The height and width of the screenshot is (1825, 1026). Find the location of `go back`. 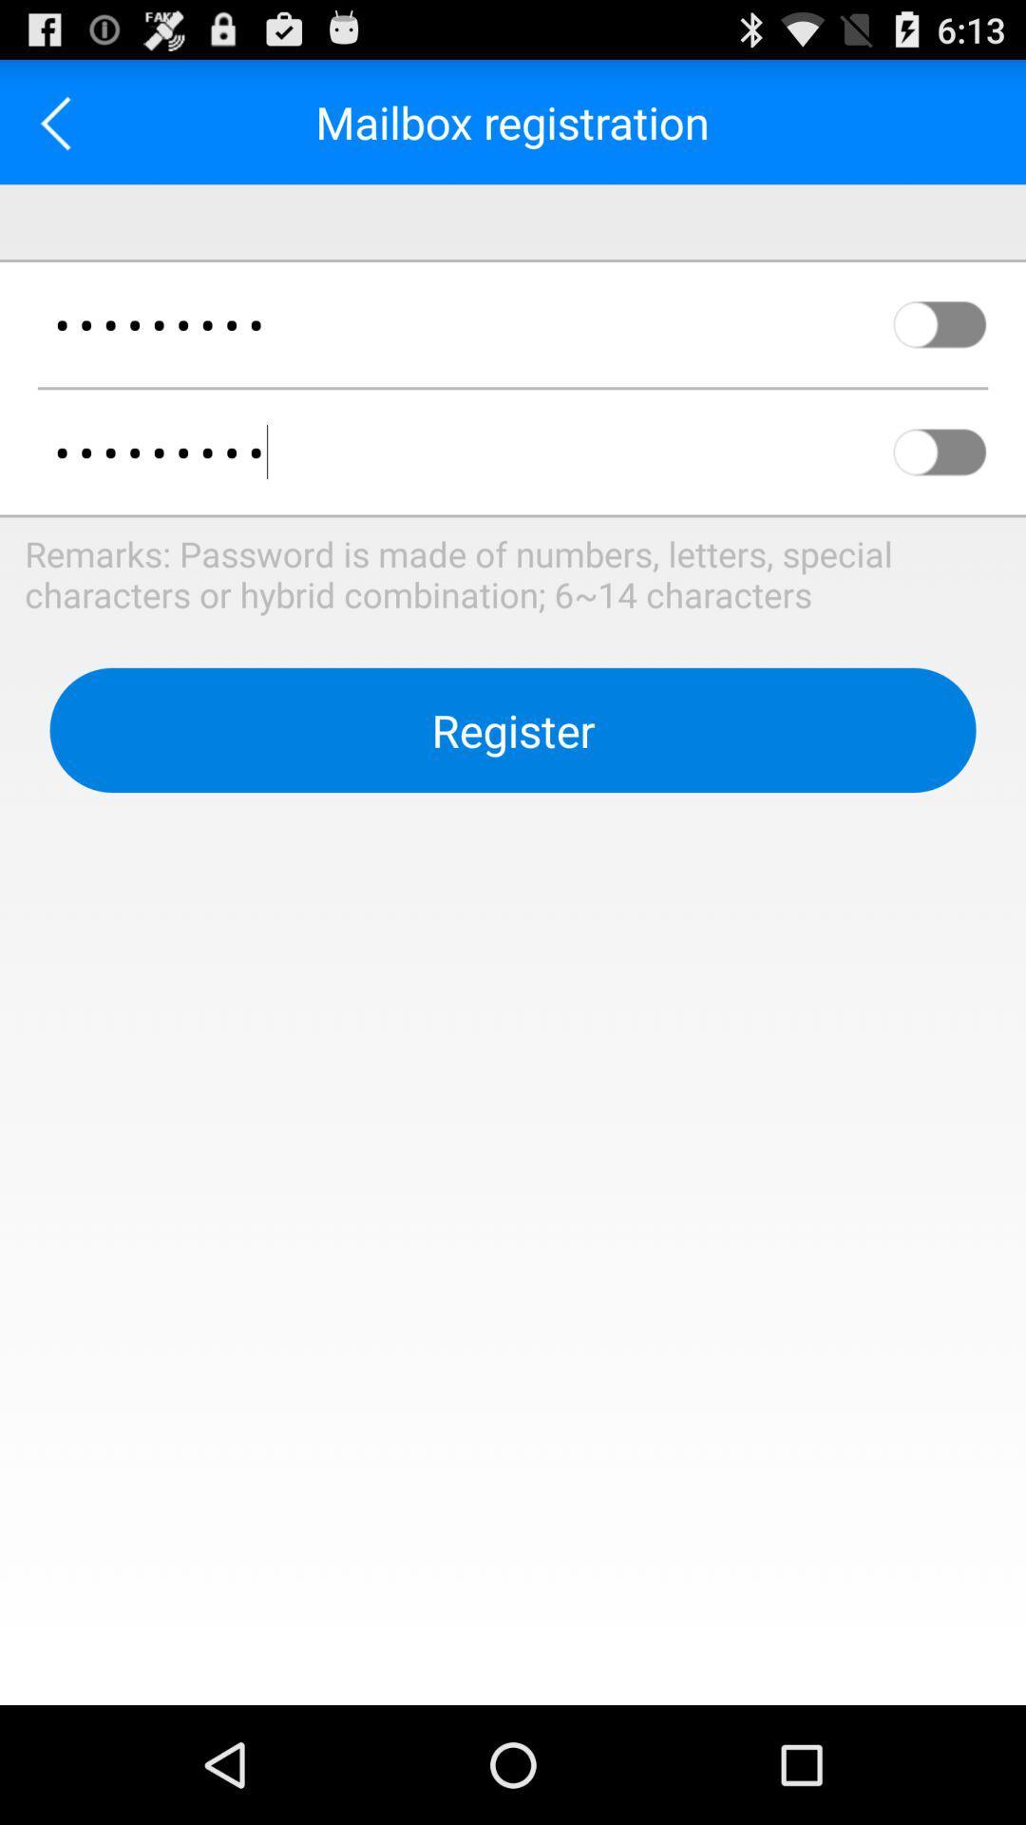

go back is located at coordinates (61, 121).